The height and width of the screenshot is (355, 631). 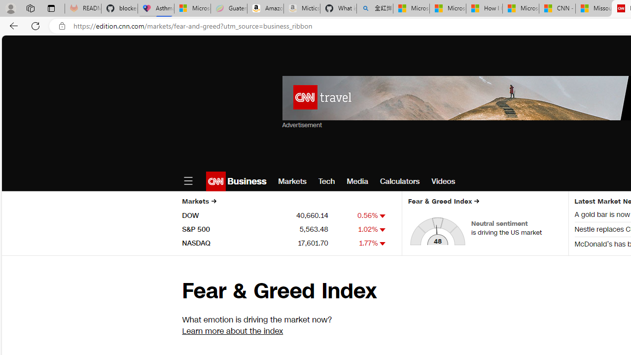 I want to click on 'Markets', so click(x=292, y=181).